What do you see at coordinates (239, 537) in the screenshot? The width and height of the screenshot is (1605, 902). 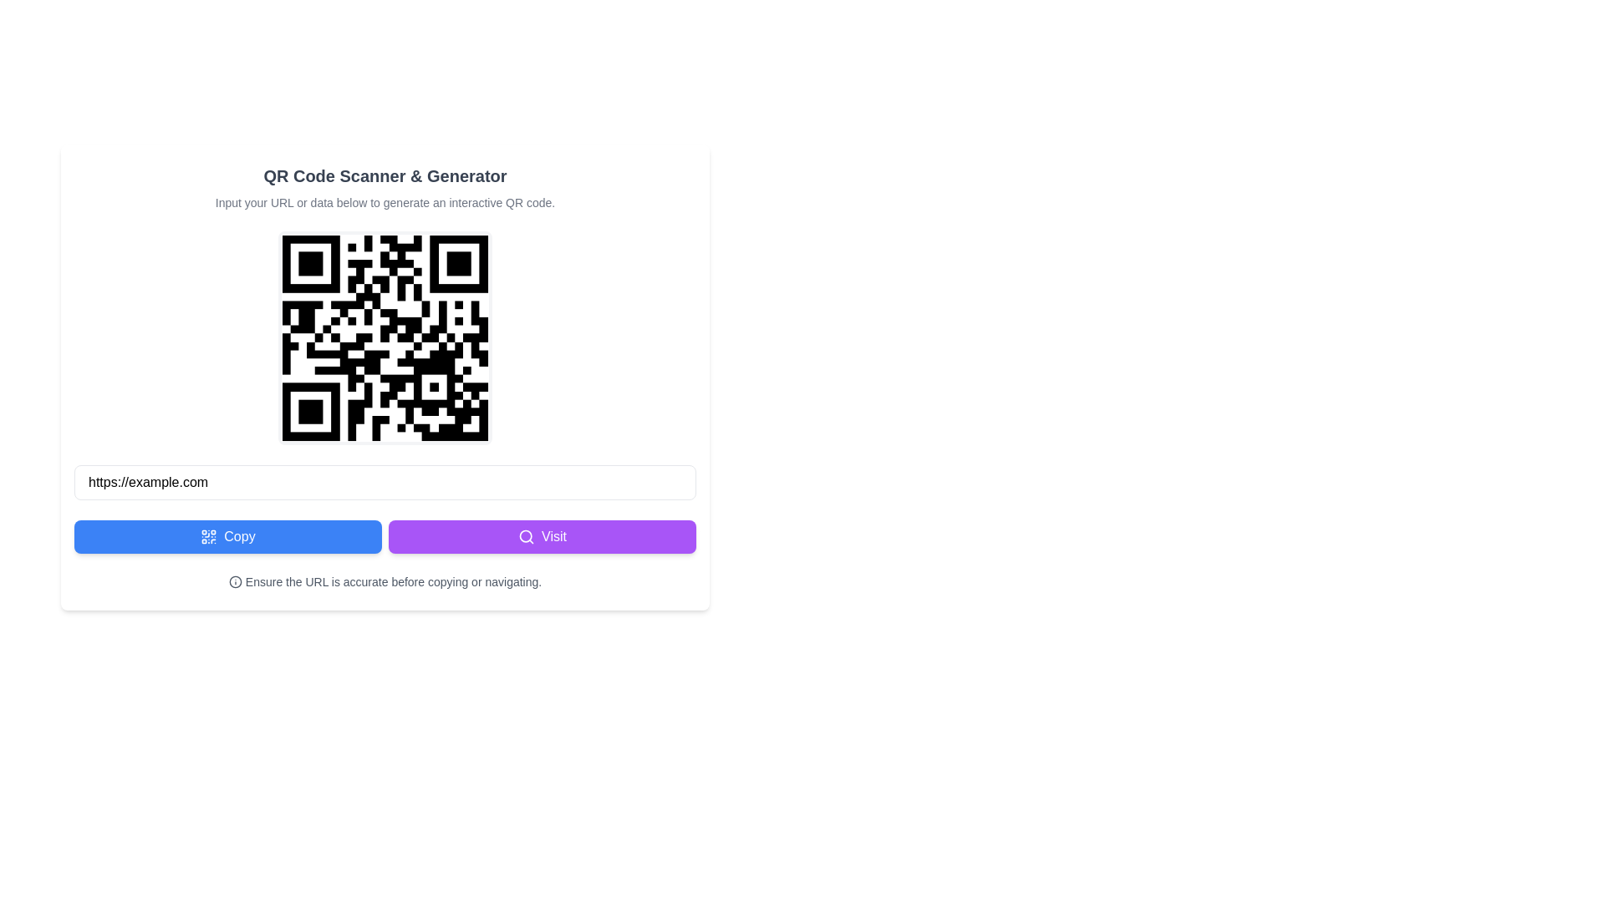 I see `the 'Copy' button which contains the text label 'Copy' in white on a blue background, located beside the 'Visit' button` at bounding box center [239, 537].